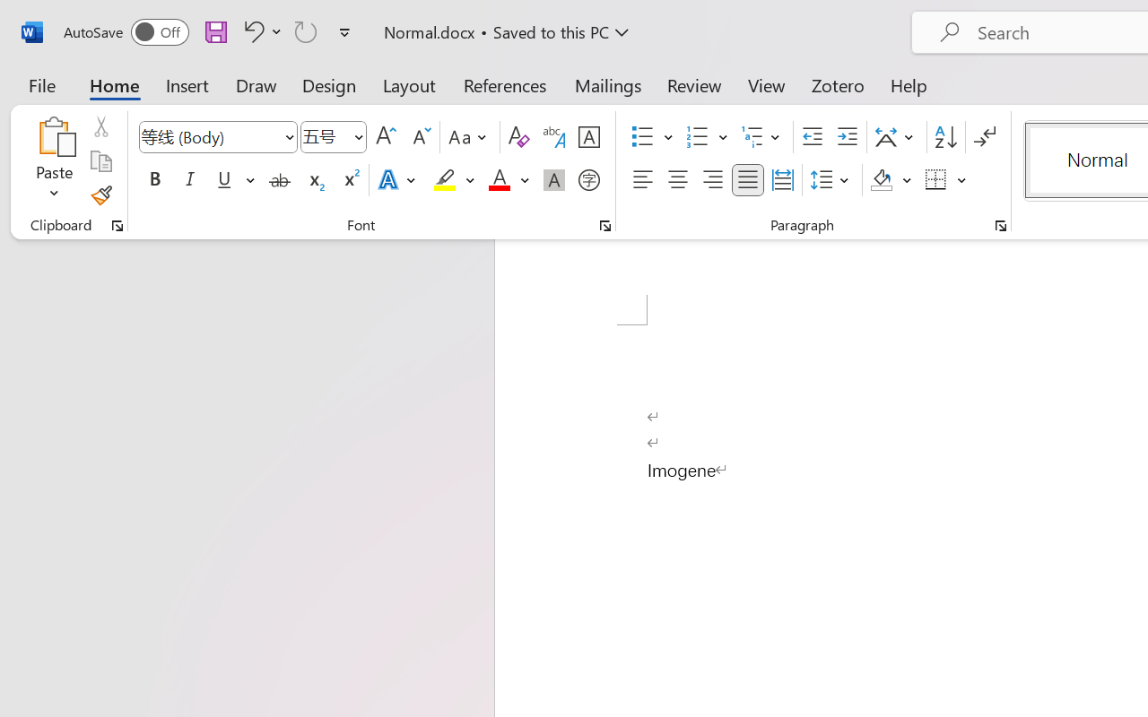 The width and height of the screenshot is (1148, 717). Describe the element at coordinates (846, 137) in the screenshot. I see `'Increase Indent'` at that location.